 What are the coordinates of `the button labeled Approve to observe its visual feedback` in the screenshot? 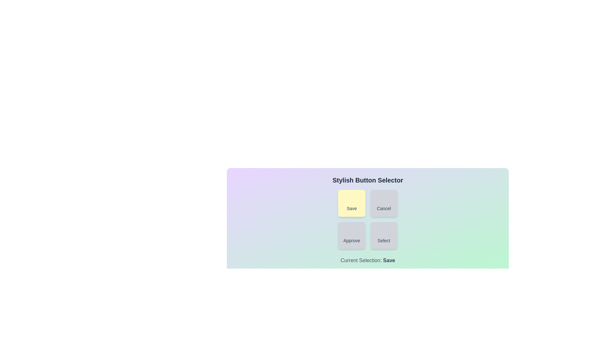 It's located at (351, 235).